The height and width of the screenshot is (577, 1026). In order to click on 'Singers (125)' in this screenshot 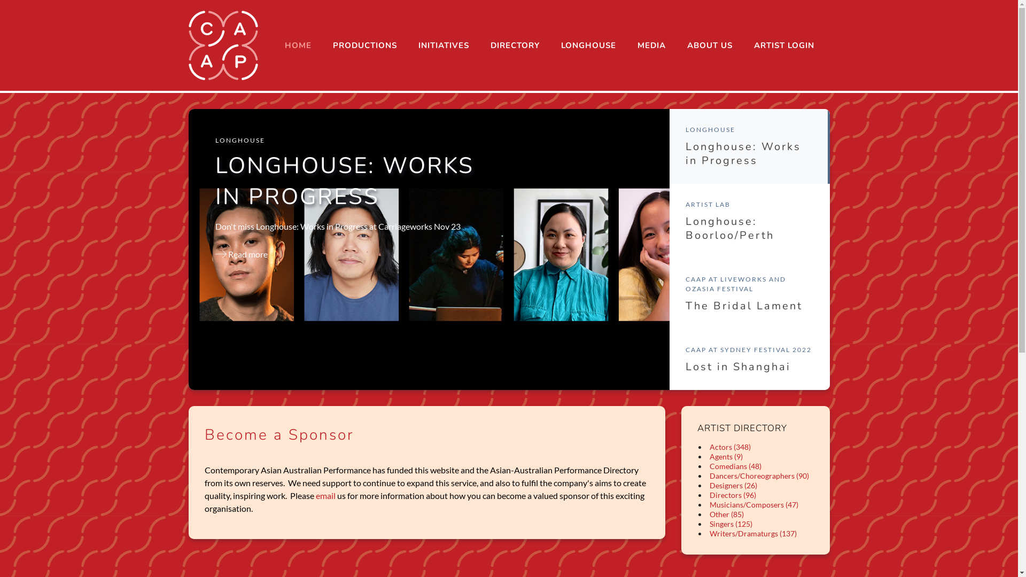, I will do `click(707, 523)`.